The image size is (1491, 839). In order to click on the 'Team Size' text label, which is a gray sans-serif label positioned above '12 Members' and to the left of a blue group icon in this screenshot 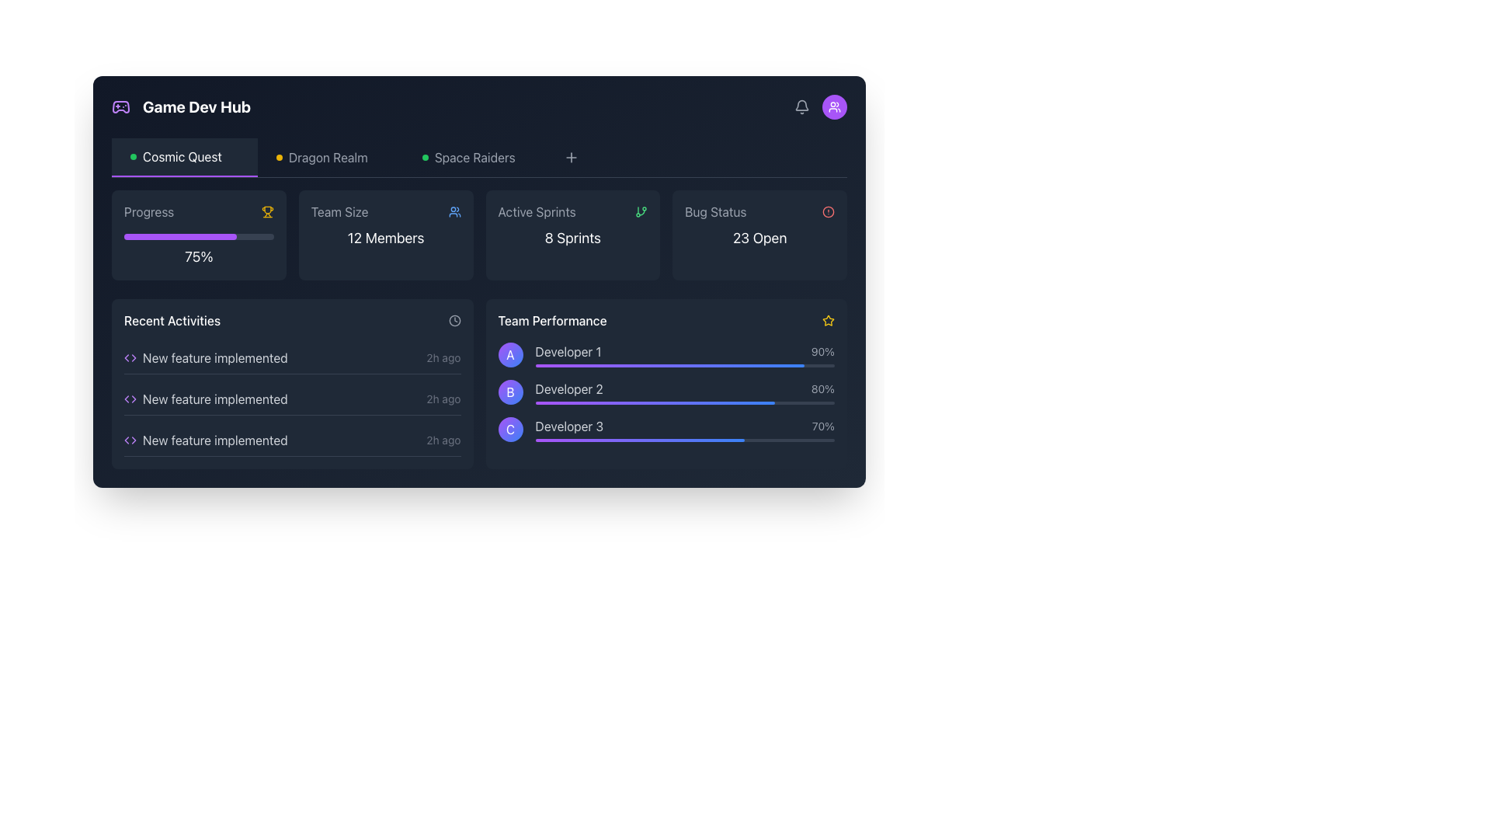, I will do `click(339, 212)`.